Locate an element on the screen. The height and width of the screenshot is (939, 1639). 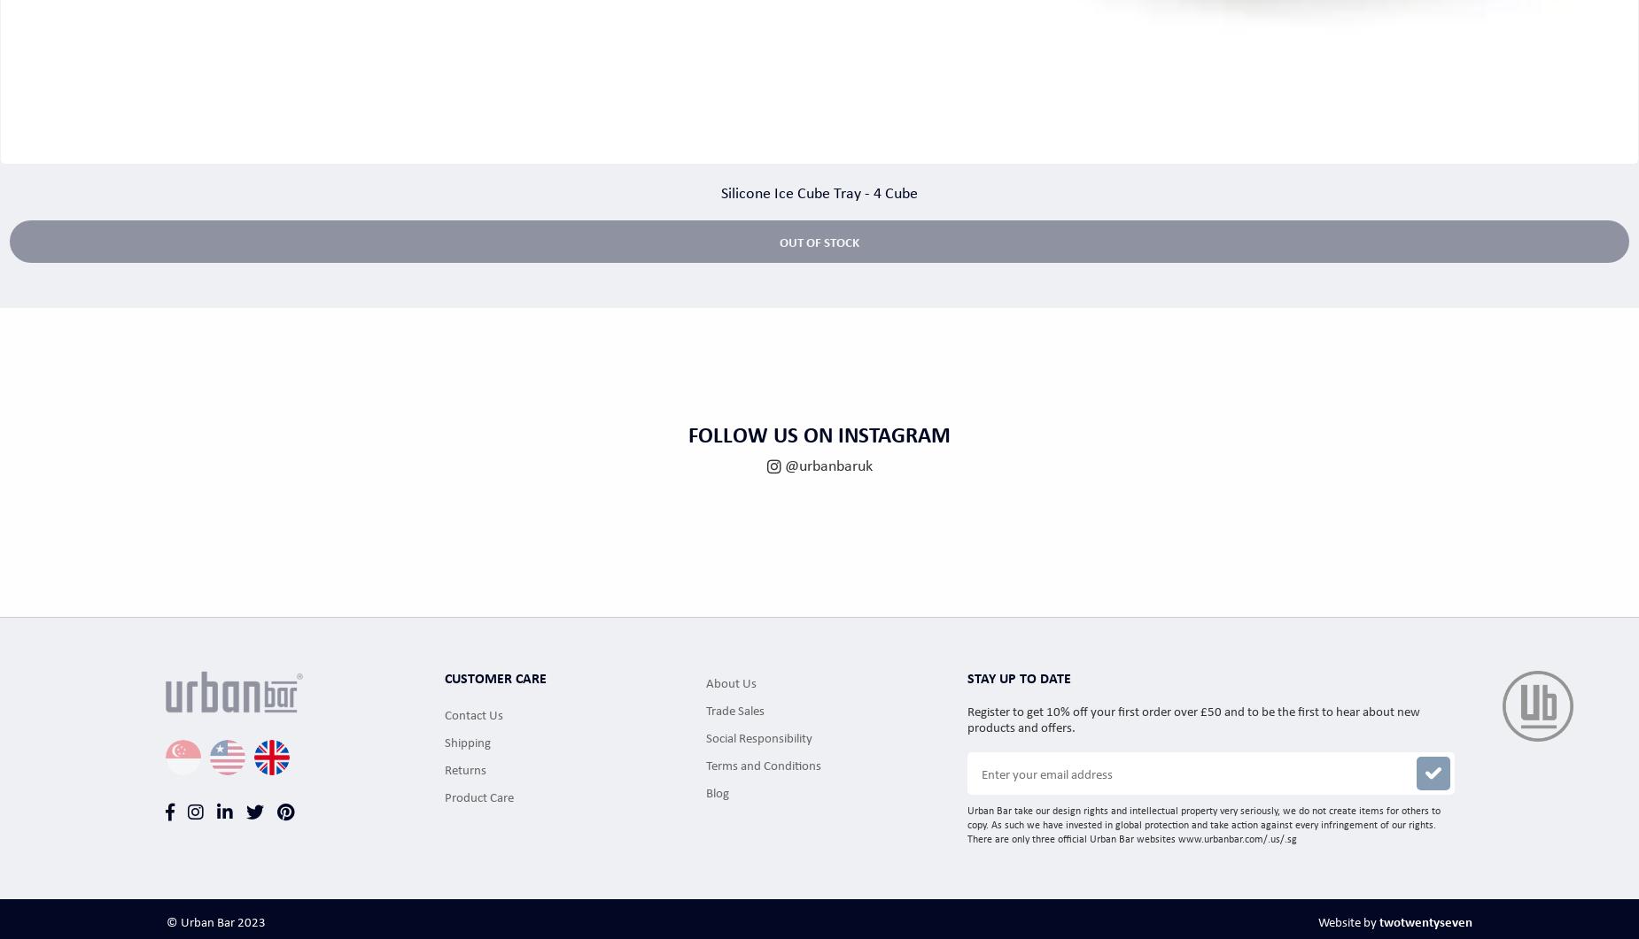
'Product Care' is located at coordinates (478, 794).